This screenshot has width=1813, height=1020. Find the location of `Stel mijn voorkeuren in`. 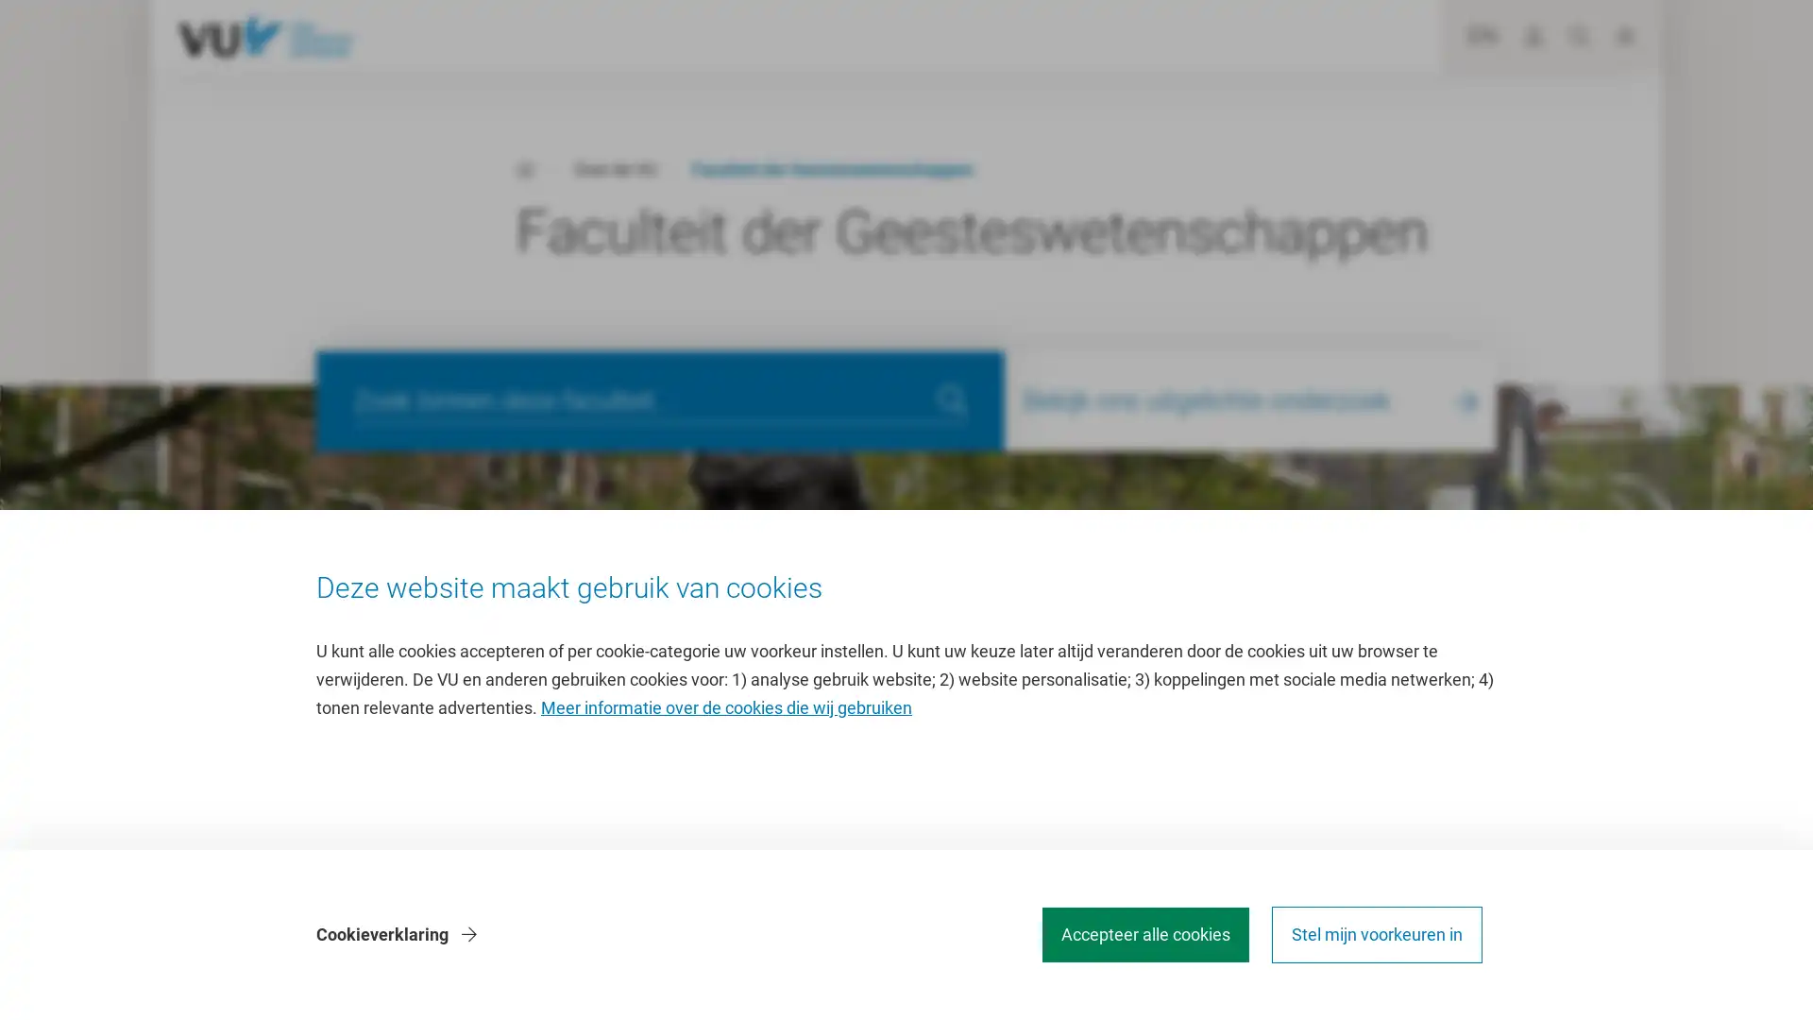

Stel mijn voorkeuren in is located at coordinates (1377, 935).